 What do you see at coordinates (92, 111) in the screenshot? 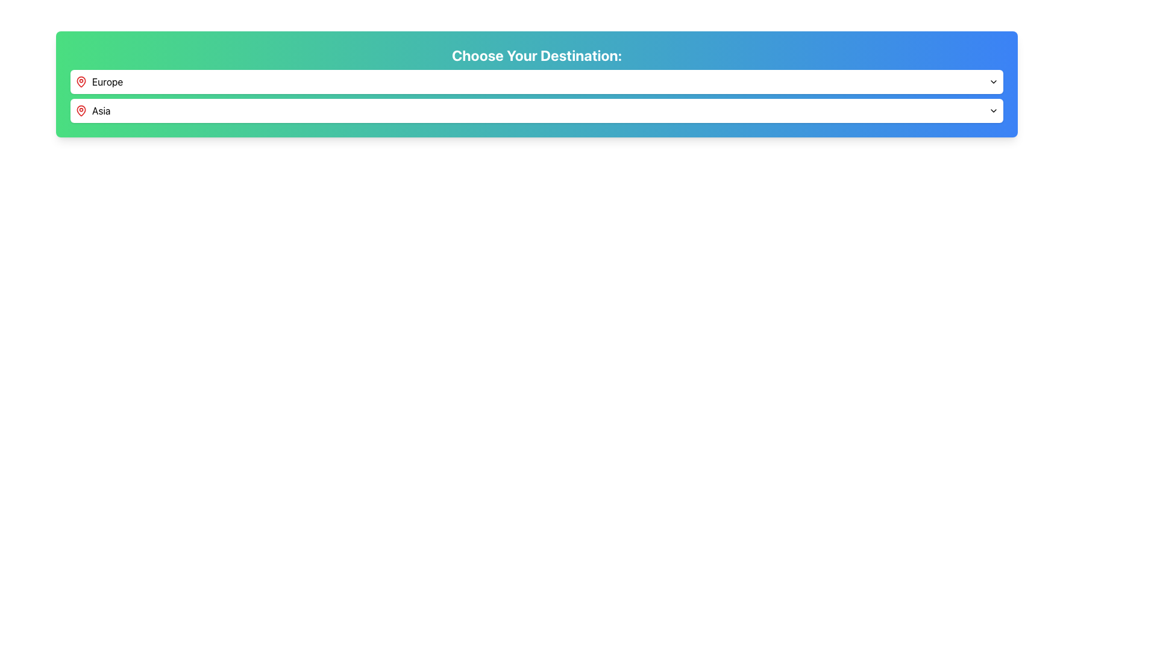
I see `the 'Asia' label in the dropdown list` at bounding box center [92, 111].